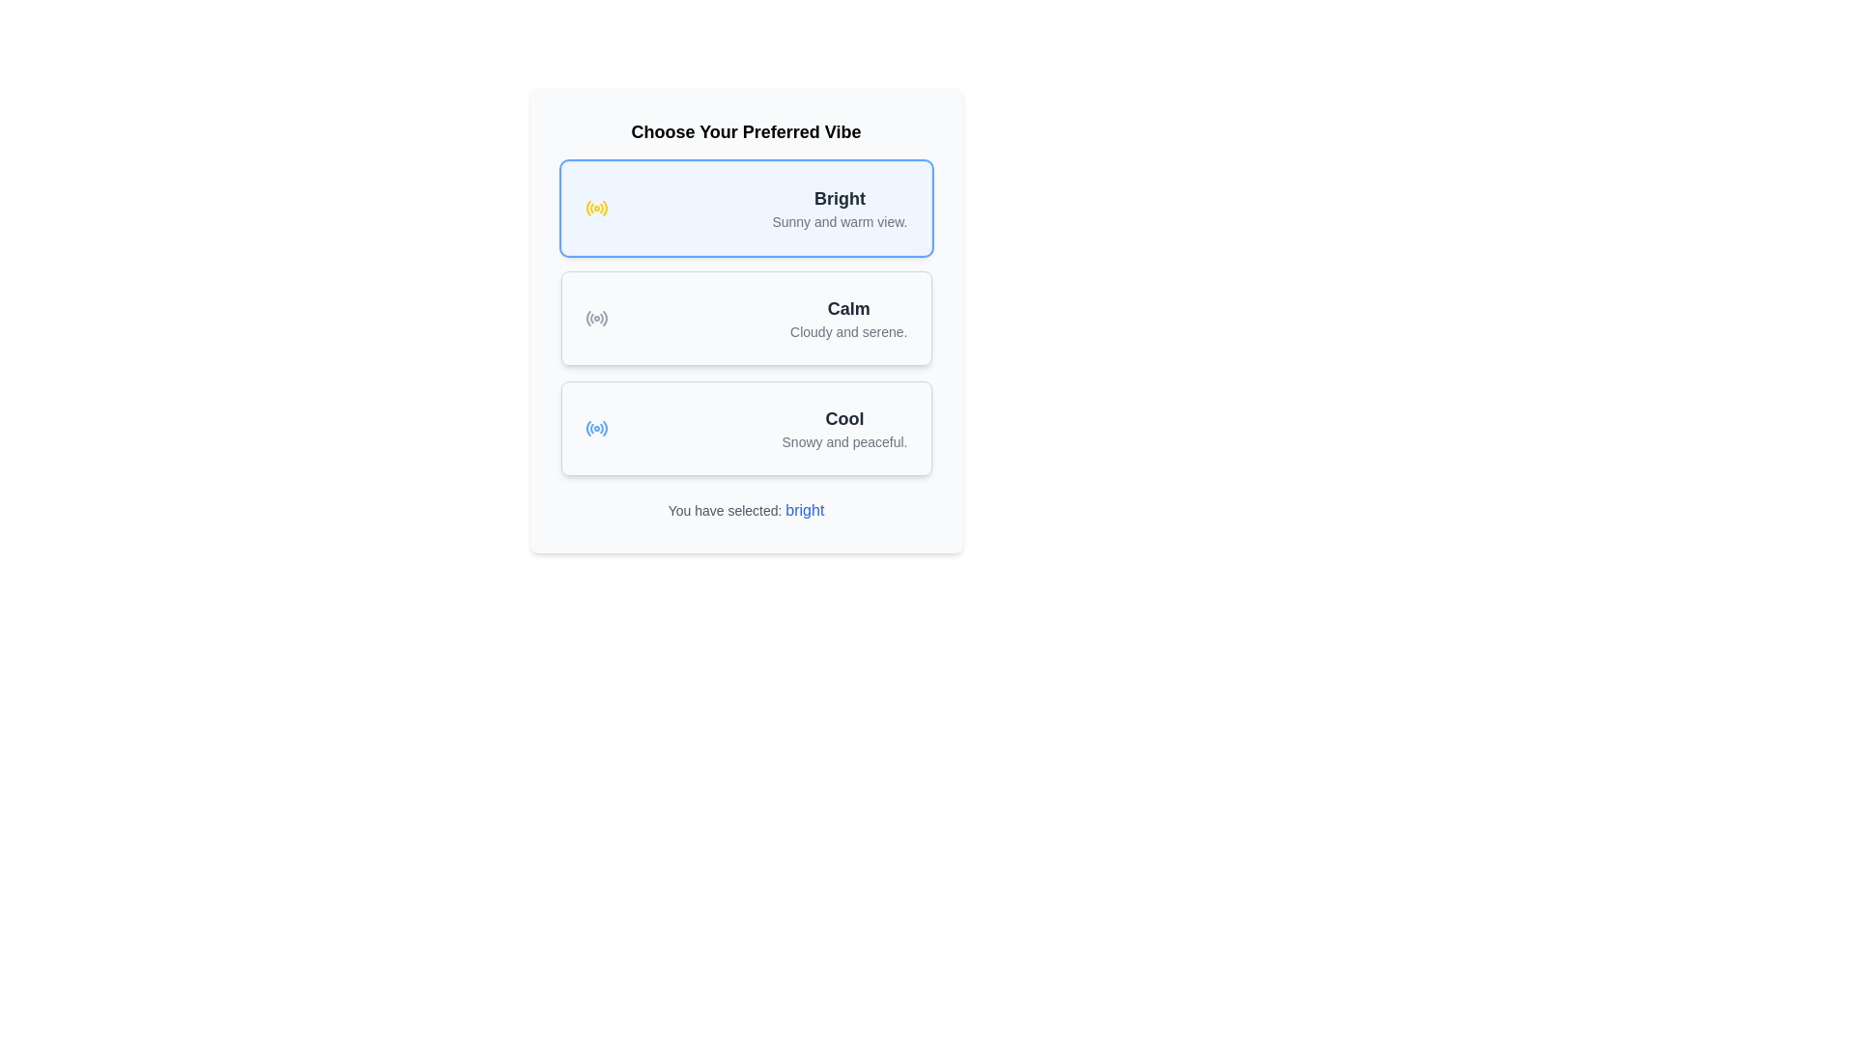 Image resolution: width=1855 pixels, height=1043 pixels. What do you see at coordinates (848, 318) in the screenshot?
I see `the text label element displaying the word 'Calm' styled in bold and larger font above the description 'Cloudy and serene'` at bounding box center [848, 318].